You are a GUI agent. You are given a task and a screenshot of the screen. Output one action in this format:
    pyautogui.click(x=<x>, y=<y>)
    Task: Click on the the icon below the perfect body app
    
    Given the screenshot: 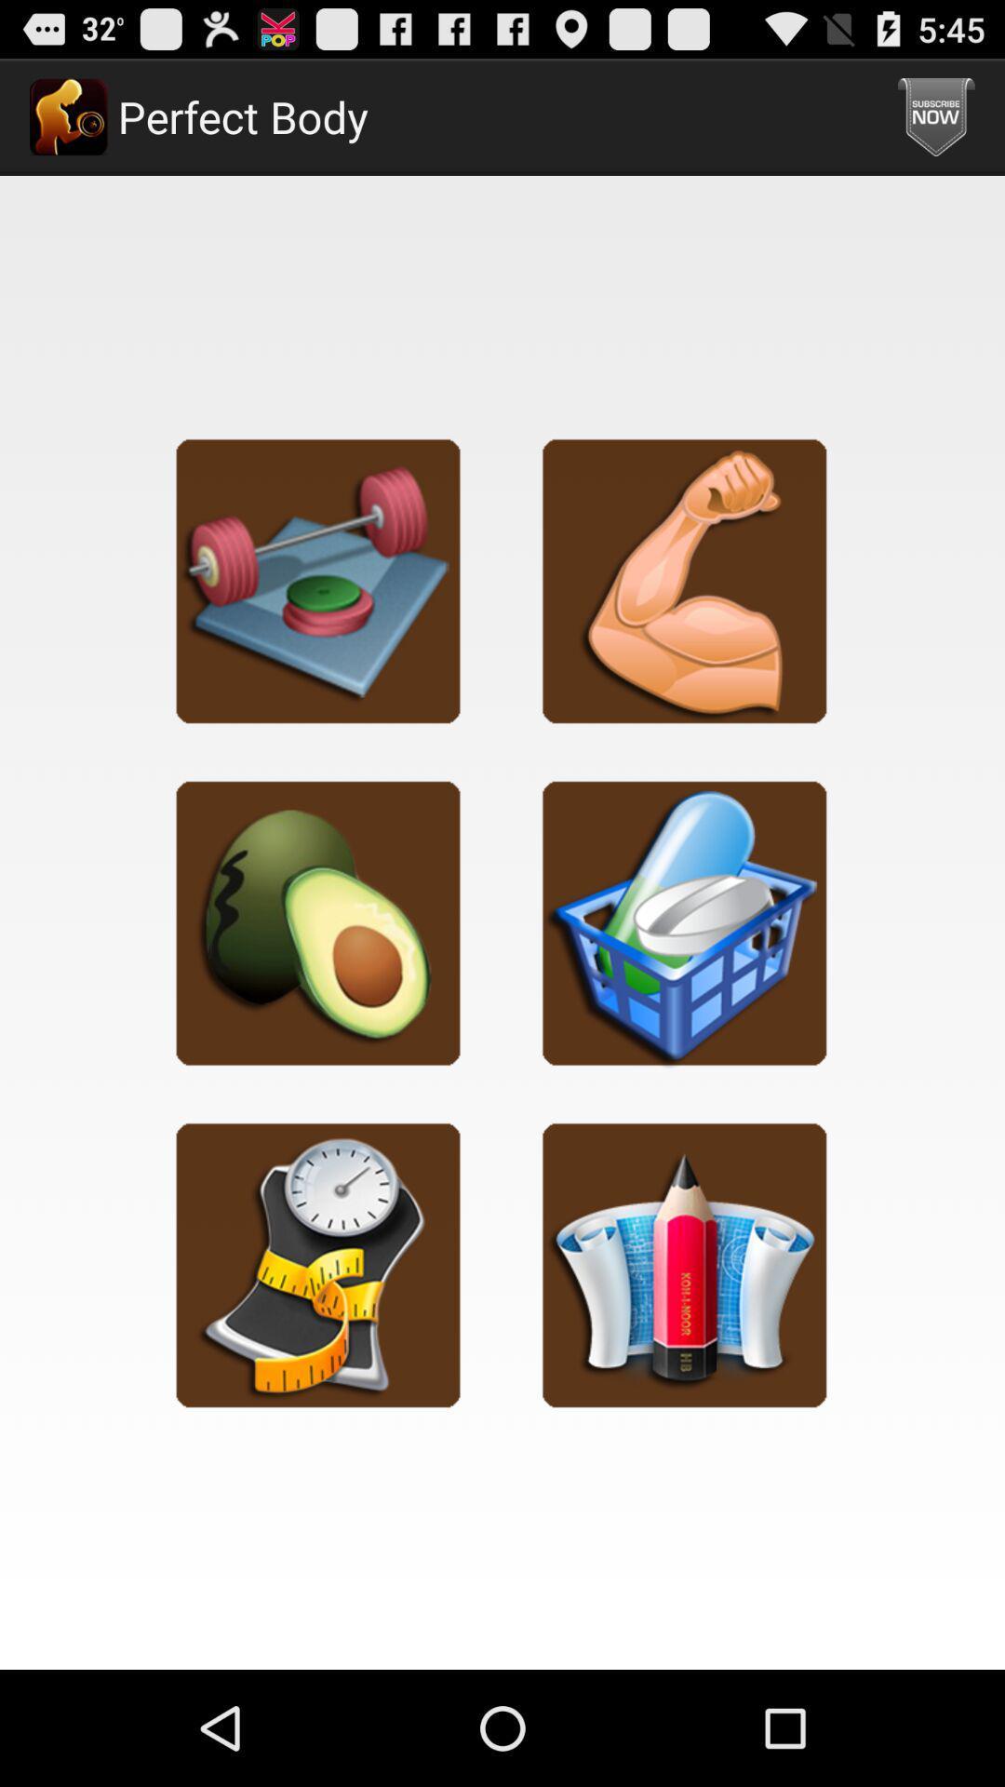 What is the action you would take?
    pyautogui.click(x=317, y=580)
    